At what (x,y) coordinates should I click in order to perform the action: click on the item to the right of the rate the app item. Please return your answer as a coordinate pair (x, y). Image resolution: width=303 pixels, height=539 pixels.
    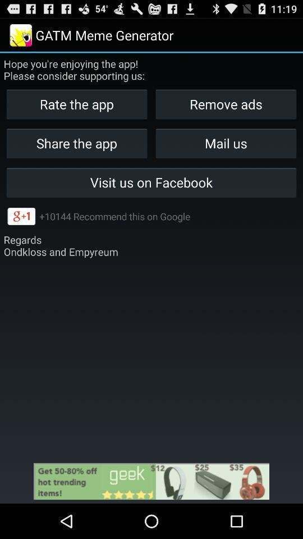
    Looking at the image, I should click on (226, 143).